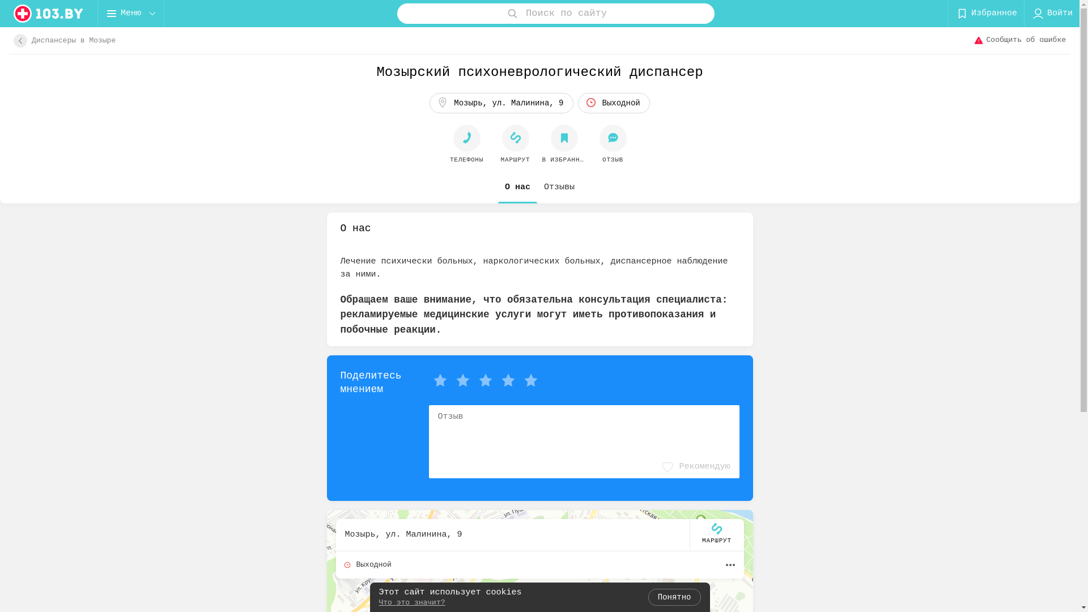 This screenshot has height=612, width=1088. What do you see at coordinates (48, 13) in the screenshot?
I see `'logo'` at bounding box center [48, 13].